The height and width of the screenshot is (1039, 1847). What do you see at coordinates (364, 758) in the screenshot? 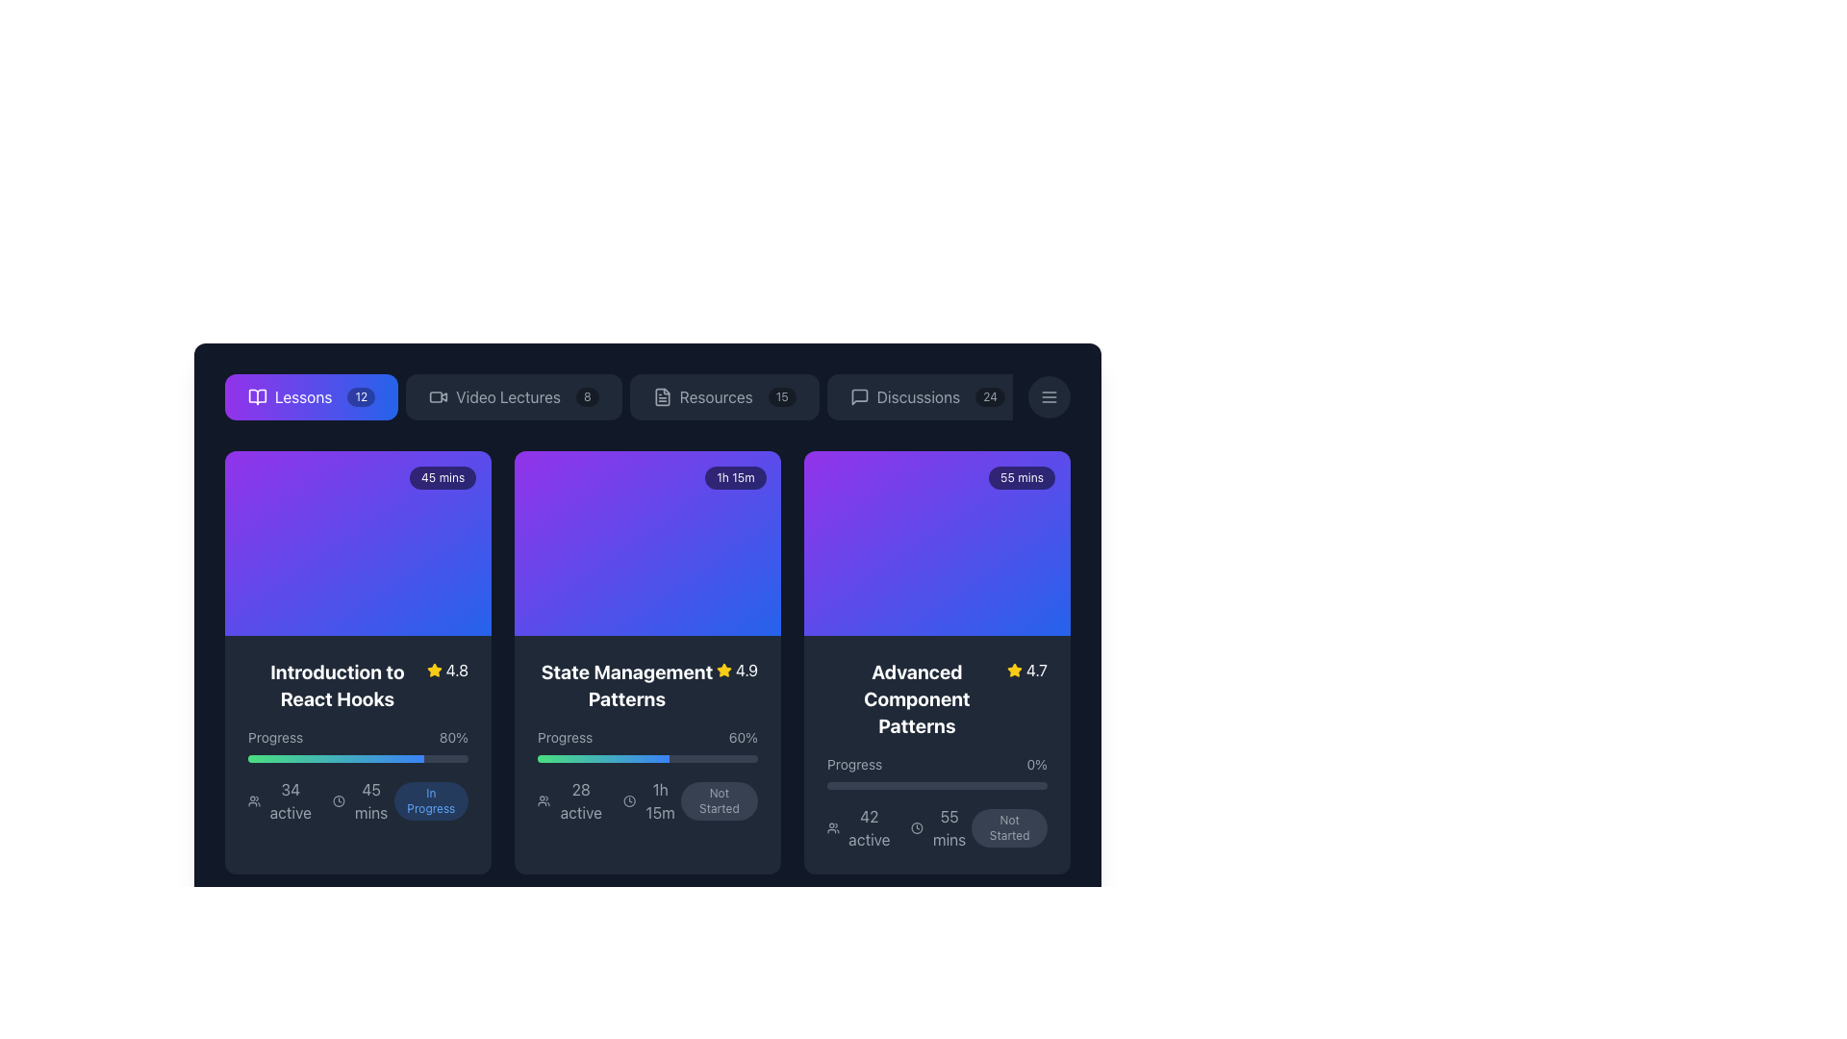
I see `progress` at bounding box center [364, 758].